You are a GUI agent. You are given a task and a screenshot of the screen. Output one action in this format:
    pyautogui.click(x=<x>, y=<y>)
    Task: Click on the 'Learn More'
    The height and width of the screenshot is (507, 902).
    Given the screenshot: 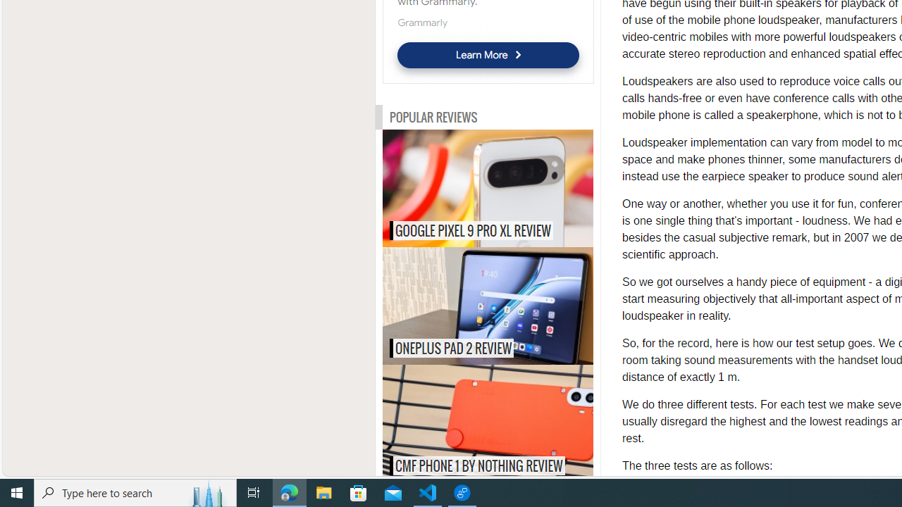 What is the action you would take?
    pyautogui.click(x=488, y=54)
    